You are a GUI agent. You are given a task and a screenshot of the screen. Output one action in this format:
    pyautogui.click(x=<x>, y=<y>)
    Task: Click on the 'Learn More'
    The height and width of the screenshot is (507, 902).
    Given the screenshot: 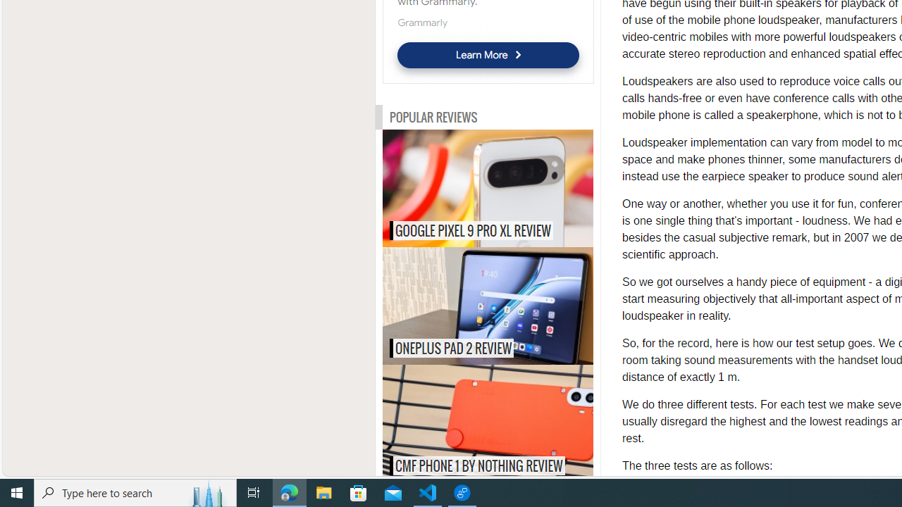 What is the action you would take?
    pyautogui.click(x=488, y=54)
    